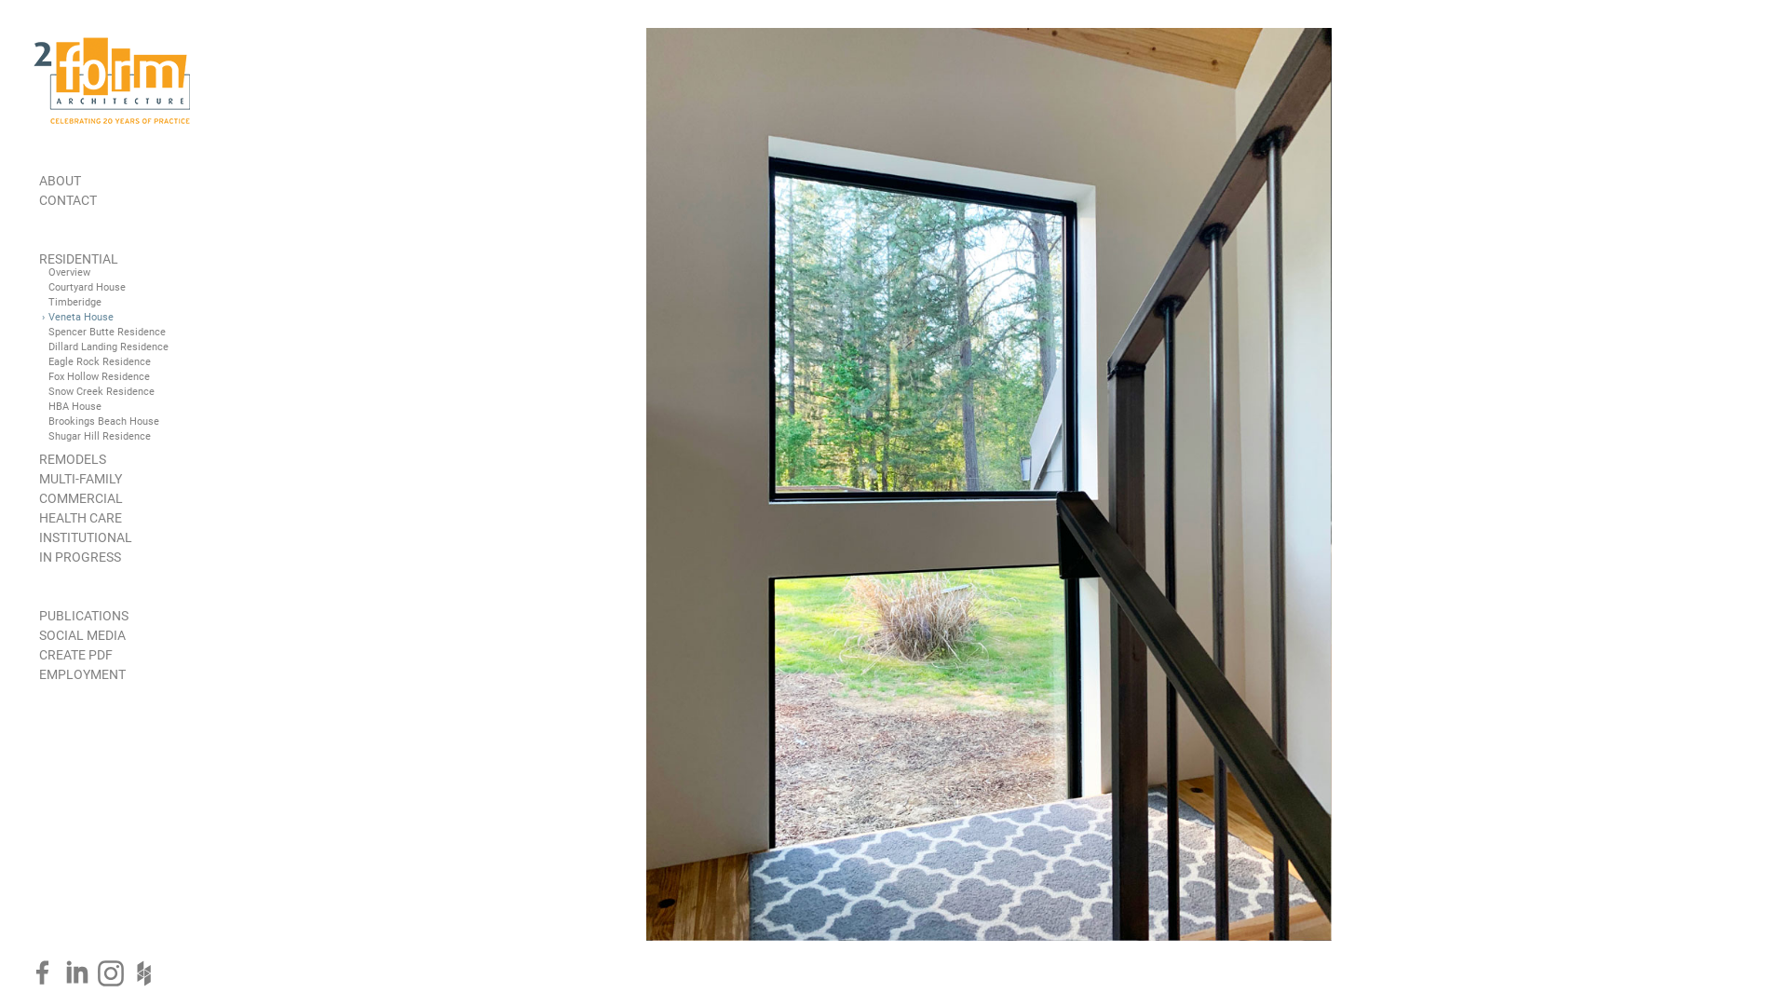 The width and height of the screenshot is (1788, 1006). Describe the element at coordinates (72, 459) in the screenshot. I see `'REMODELS'` at that location.